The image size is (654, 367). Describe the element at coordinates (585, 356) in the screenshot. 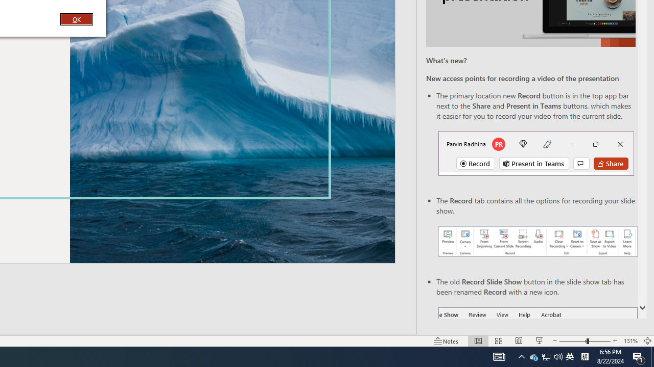

I see `'Tray Input Indicator - Chinese (Simplified, China)'` at that location.